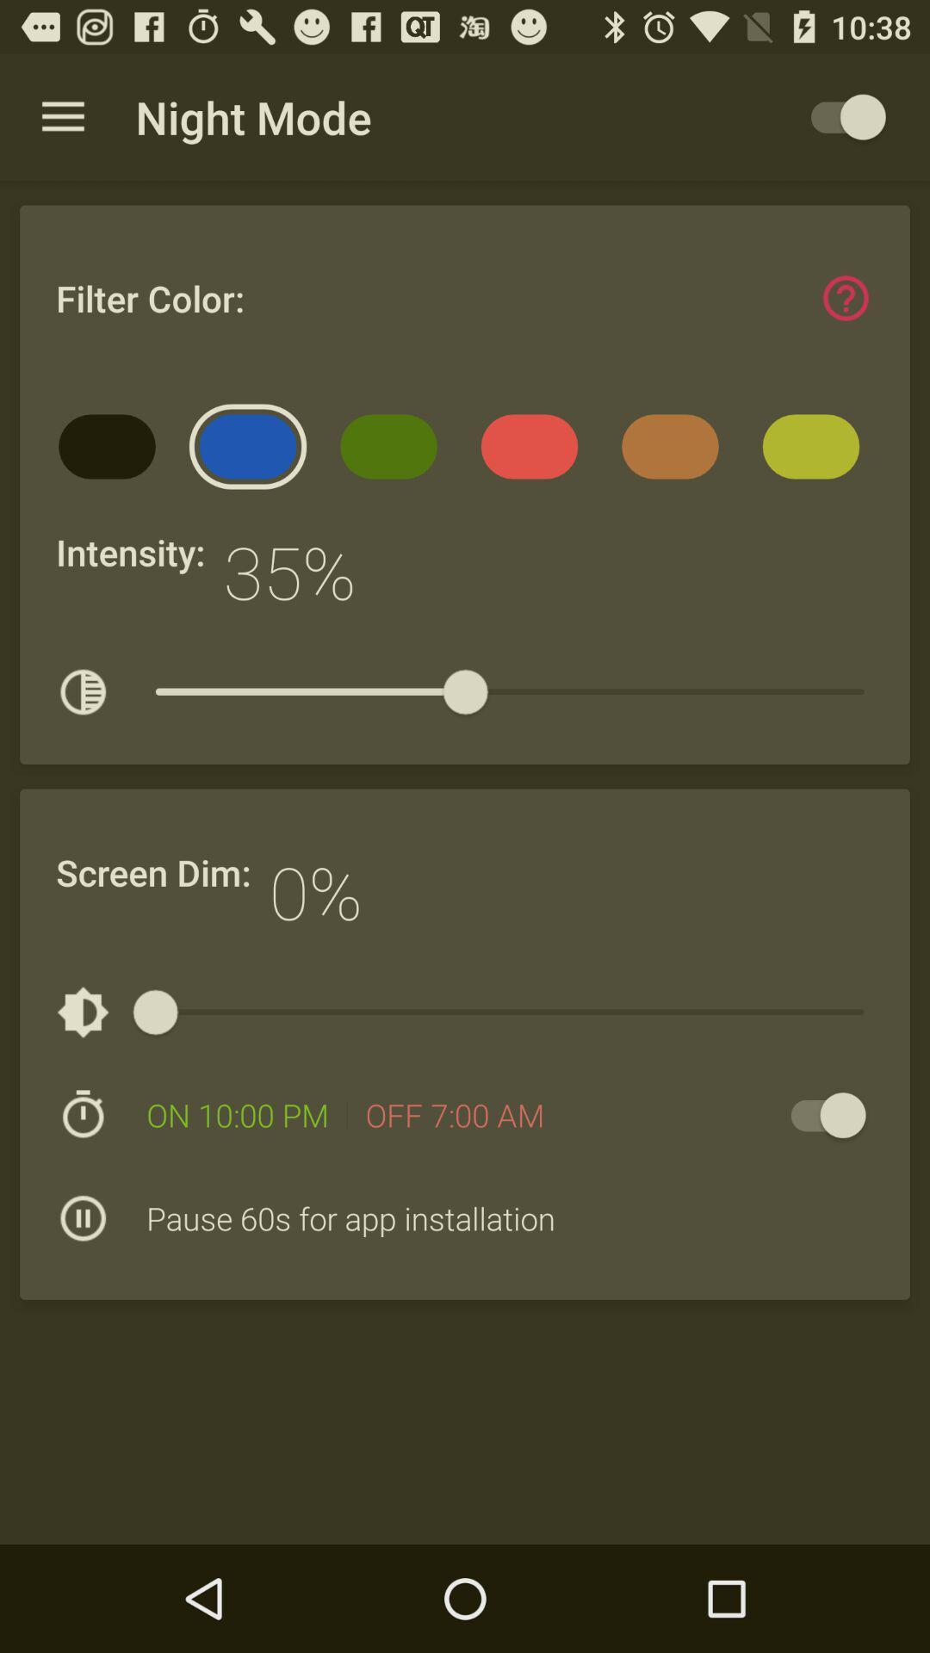  What do you see at coordinates (845, 298) in the screenshot?
I see `help` at bounding box center [845, 298].